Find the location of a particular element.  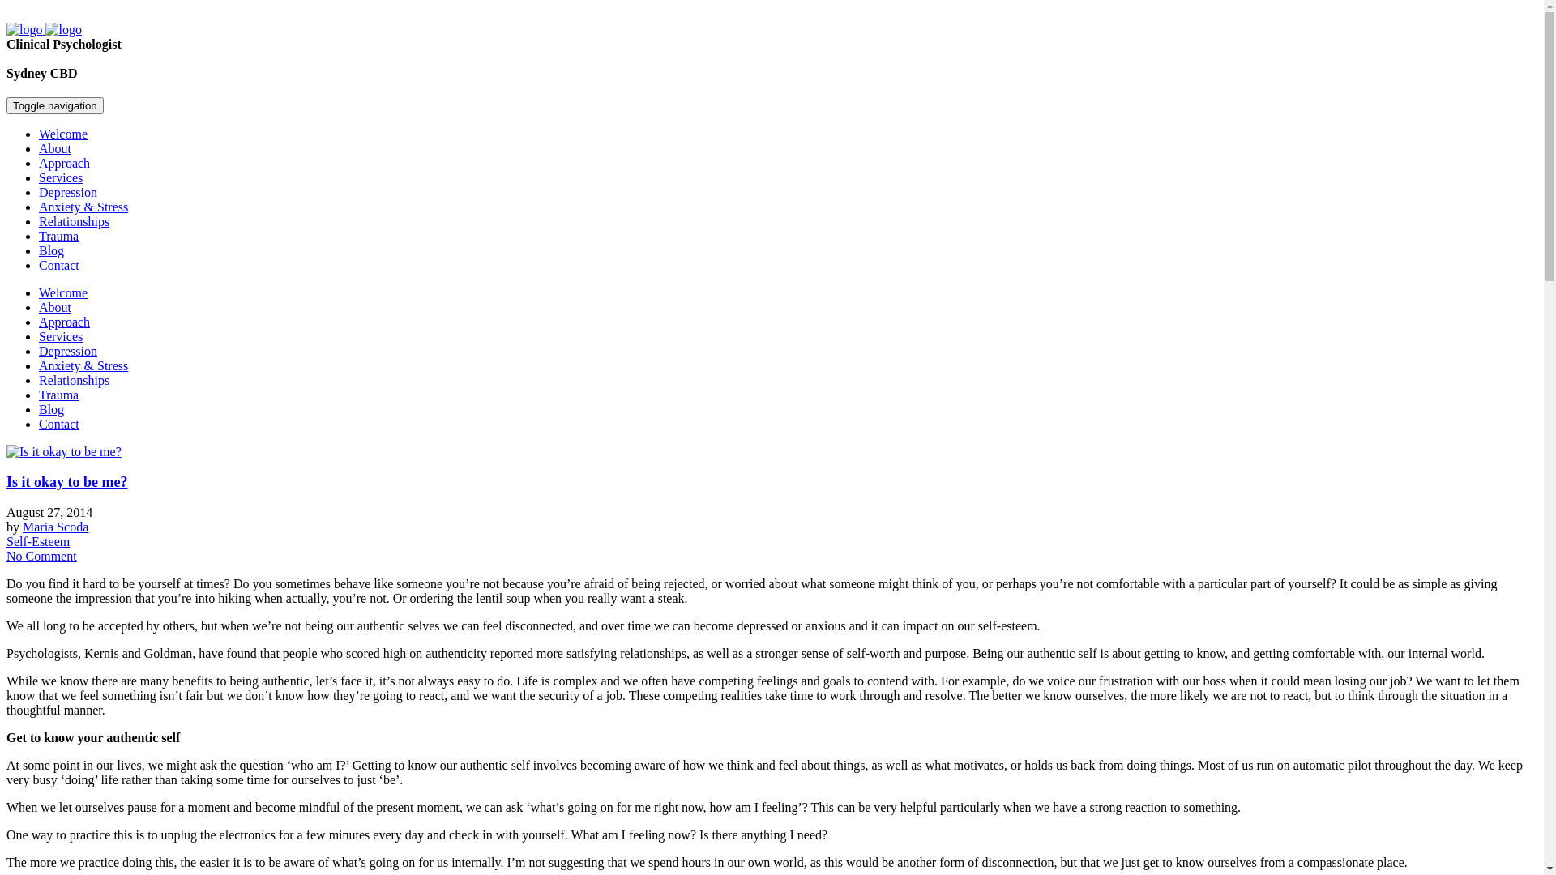

'Dr Maria Scoda' is located at coordinates (44, 29).